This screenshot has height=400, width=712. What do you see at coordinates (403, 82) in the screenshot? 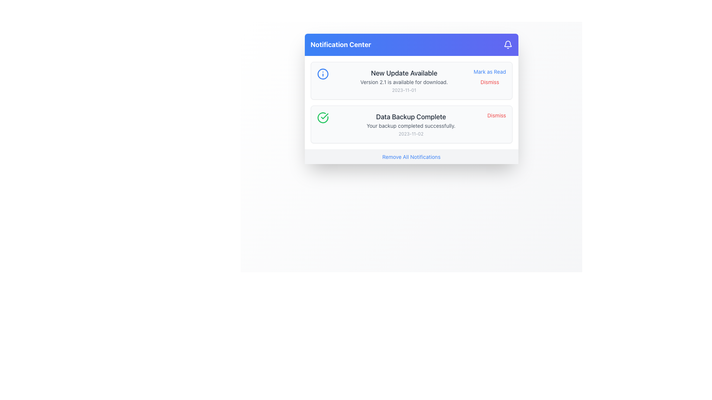
I see `the static text label indicating the availability of version 2.1 for download, which is located in the notification titled 'New Update Available', positioned centrally below the title and above the timestamp` at bounding box center [403, 82].